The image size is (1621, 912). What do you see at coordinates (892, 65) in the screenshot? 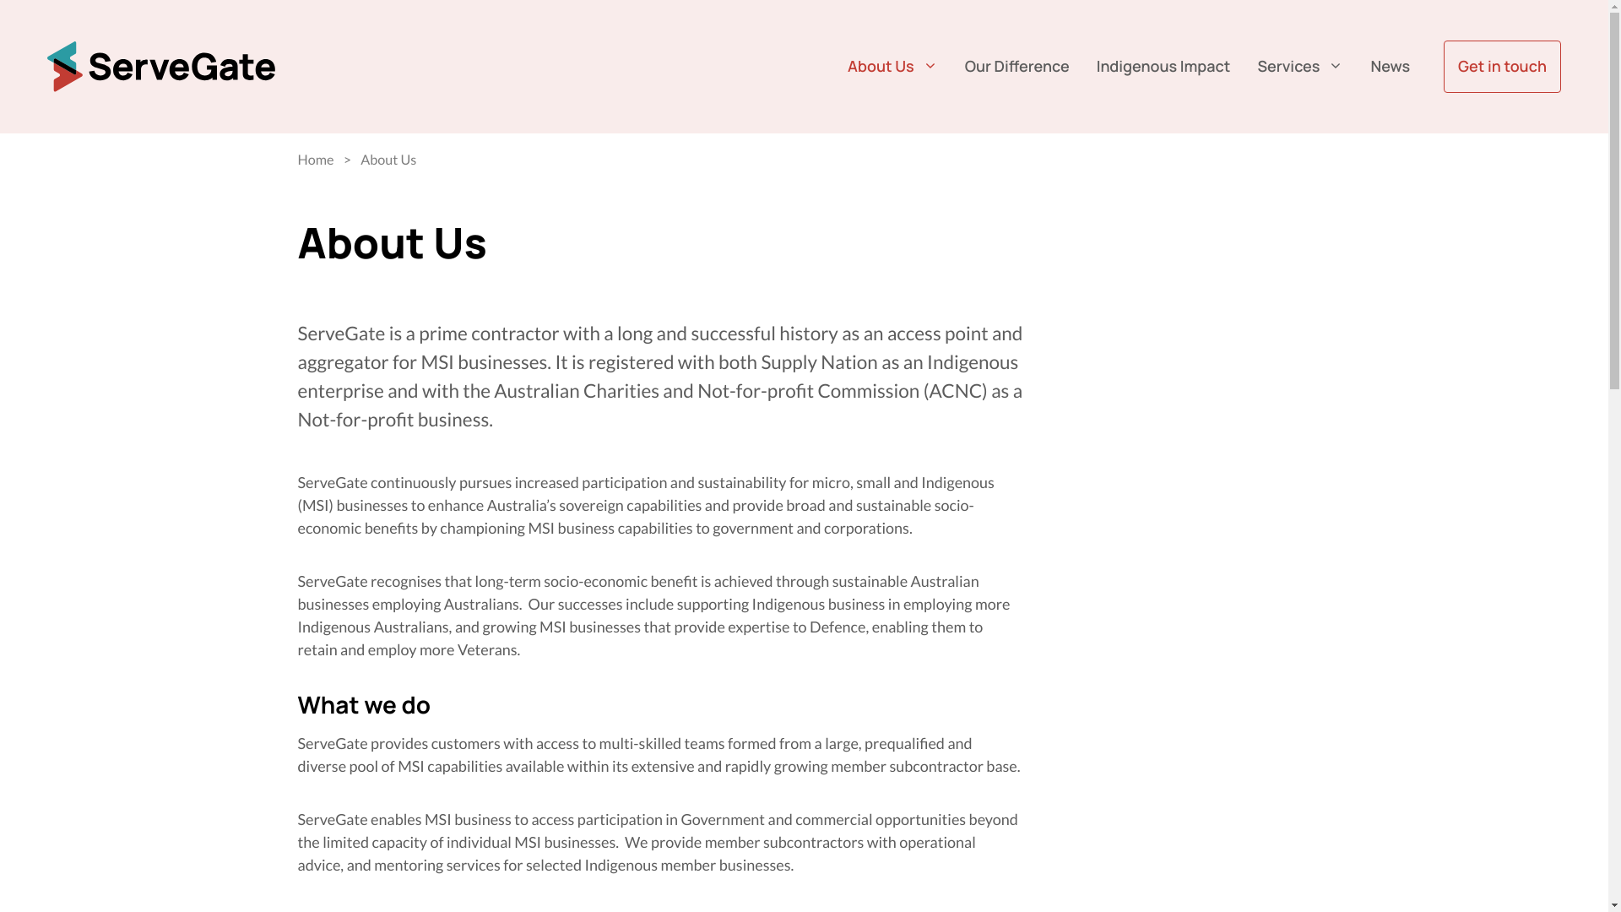
I see `'About Us'` at bounding box center [892, 65].